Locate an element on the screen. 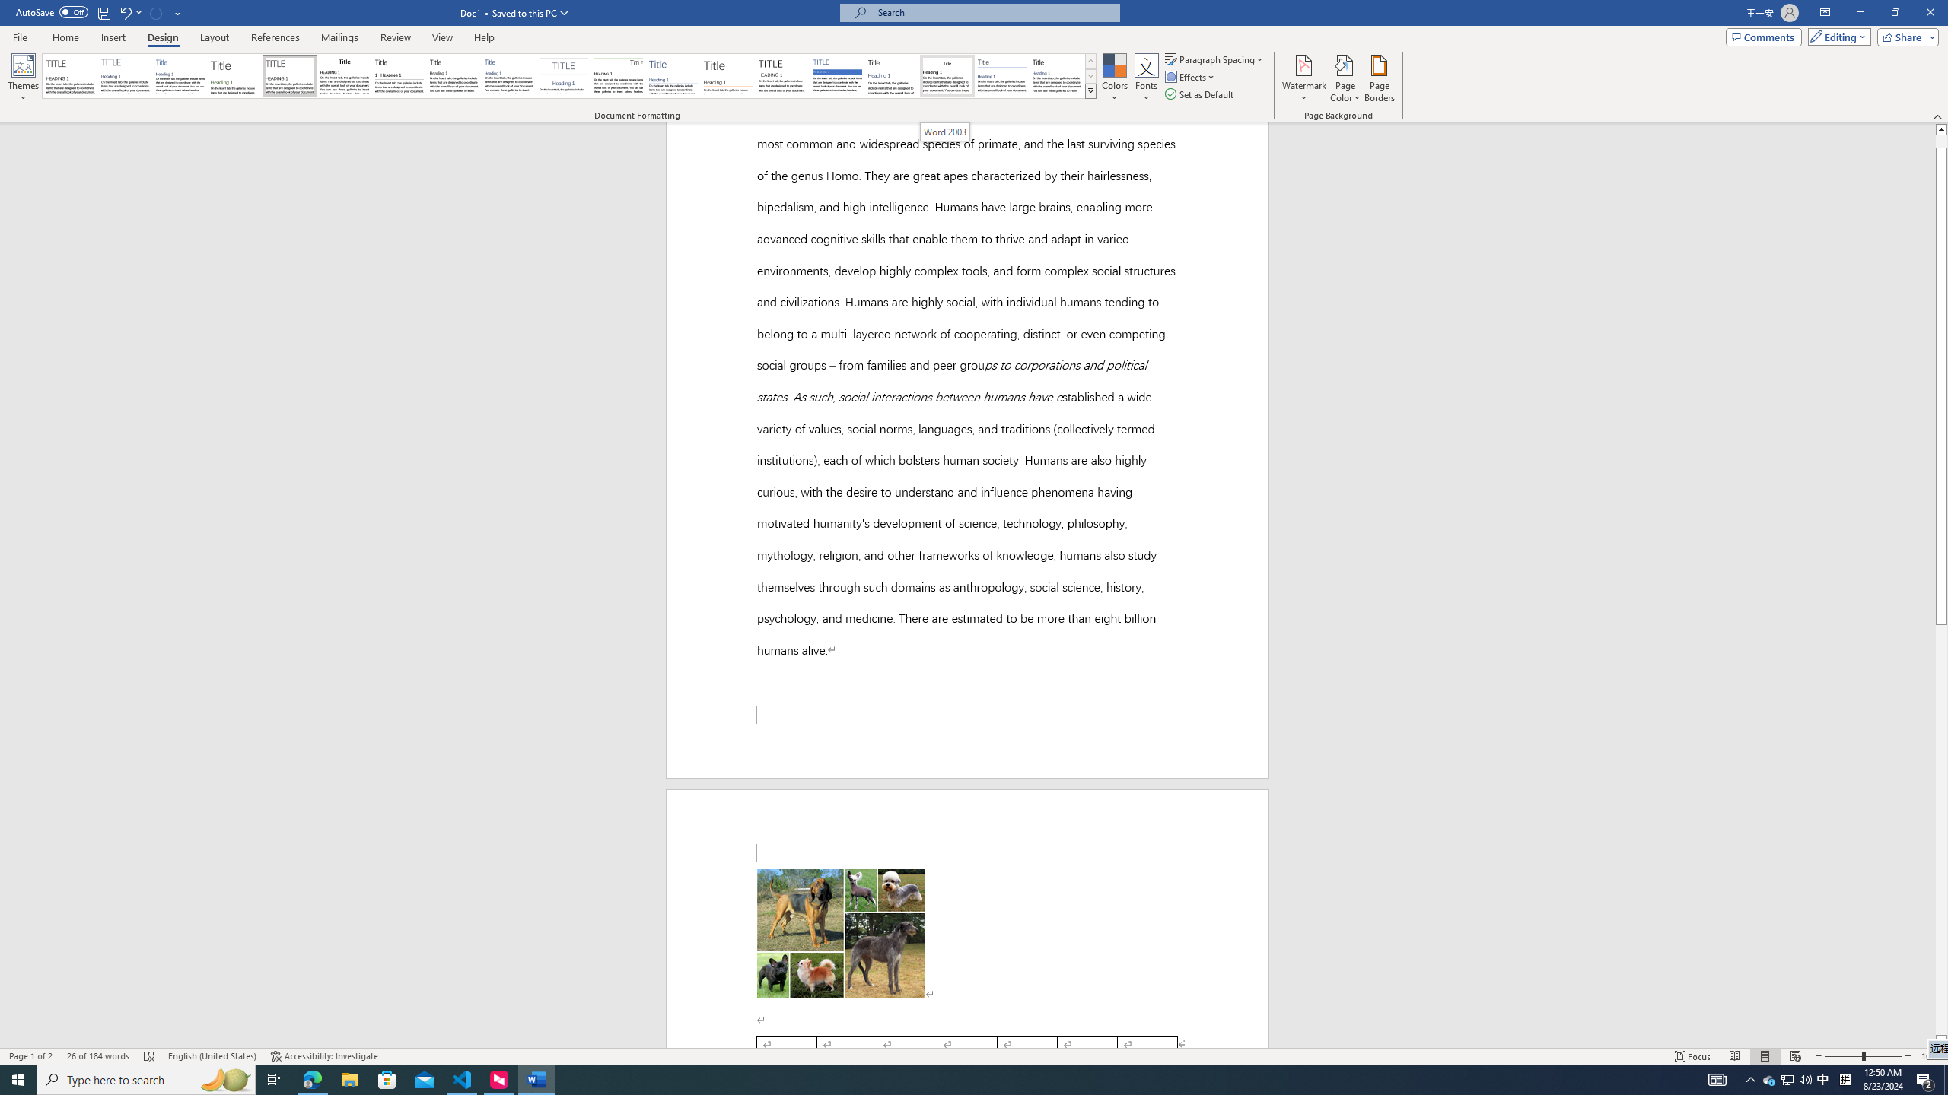 Image resolution: width=1948 pixels, height=1095 pixels. 'Paragraph Spacing' is located at coordinates (1215, 59).